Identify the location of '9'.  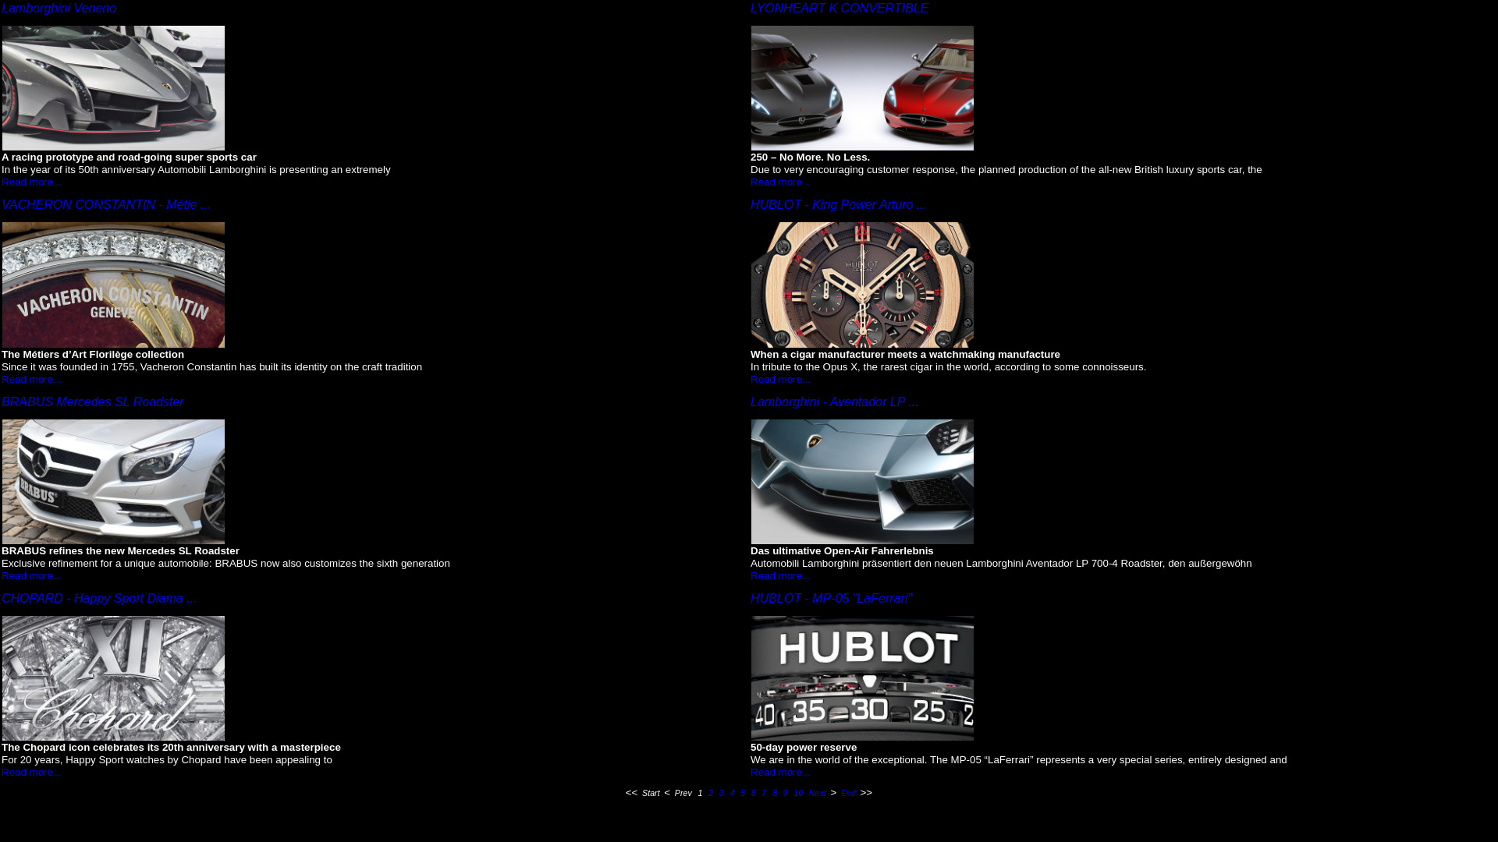
(786, 793).